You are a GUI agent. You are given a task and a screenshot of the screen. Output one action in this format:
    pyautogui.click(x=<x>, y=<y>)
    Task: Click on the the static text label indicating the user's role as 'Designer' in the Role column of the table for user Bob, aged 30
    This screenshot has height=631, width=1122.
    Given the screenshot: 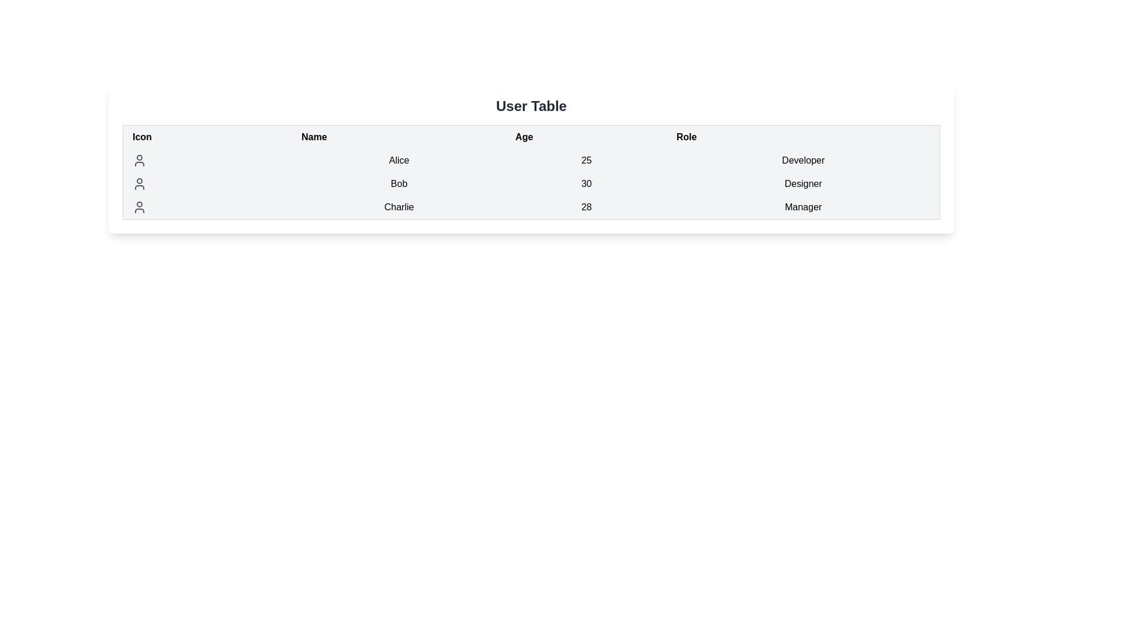 What is the action you would take?
    pyautogui.click(x=803, y=184)
    